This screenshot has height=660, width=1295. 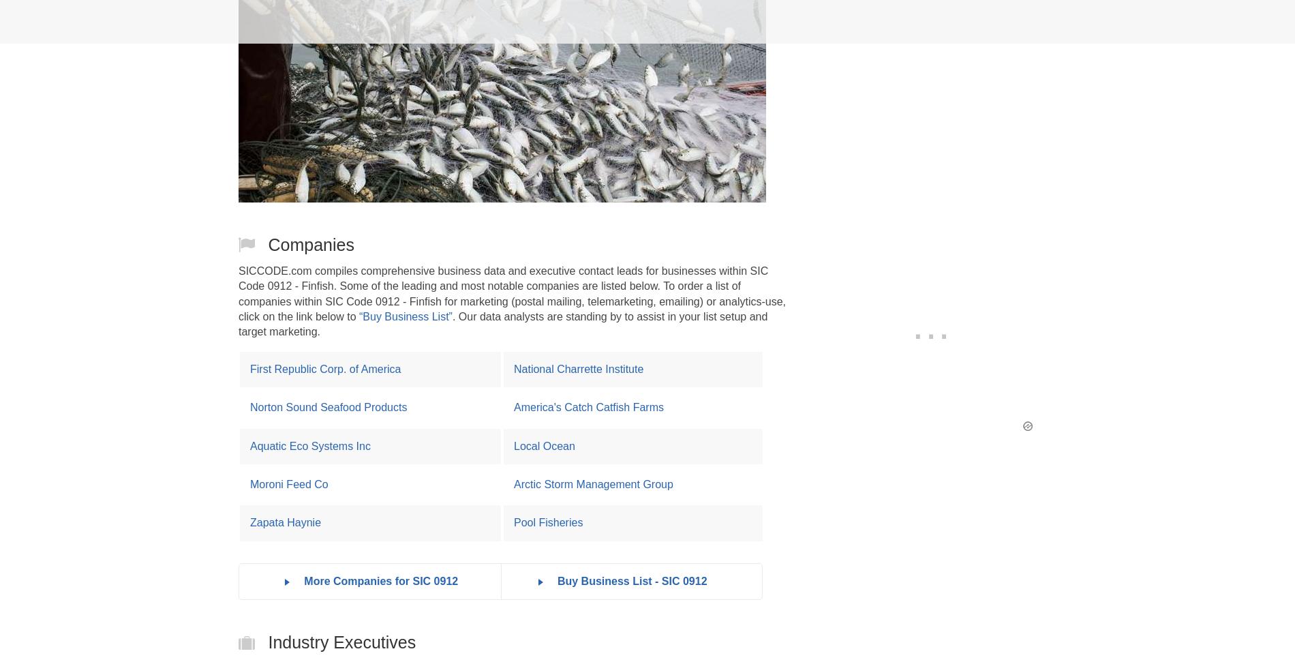 What do you see at coordinates (511, 292) in the screenshot?
I see `'SICCODE.com compiles comprehensive business data and executive contact leads for businesses within SIC Code 0912 - Finfish. Some of the leading and most notable companies are listed below. To order a list of companies within SIC Code 0912 - Finfish for marketing (postal mailing, telemarketing, emailing) or analytics-use, click on the link below to'` at bounding box center [511, 292].